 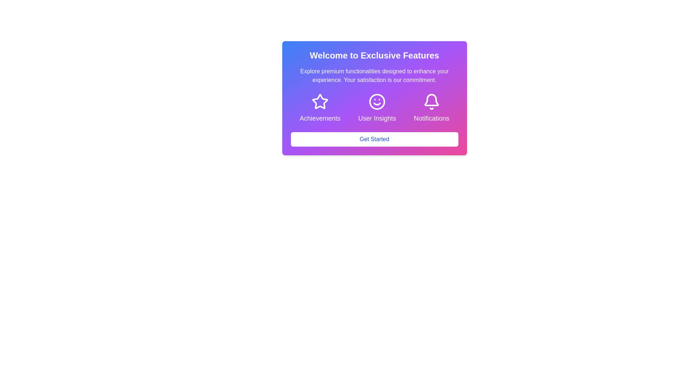 What do you see at coordinates (377, 101) in the screenshot?
I see `the 'User Insights' icon located in the center of the 'User Insights' section` at bounding box center [377, 101].